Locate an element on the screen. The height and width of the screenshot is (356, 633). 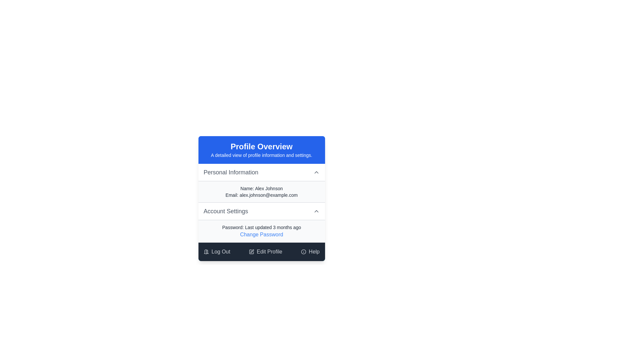
the compact open door icon, which is a non-interactive visual element located to the left of the 'Log Out' text in the bottom section of the card interface is located at coordinates (206, 252).